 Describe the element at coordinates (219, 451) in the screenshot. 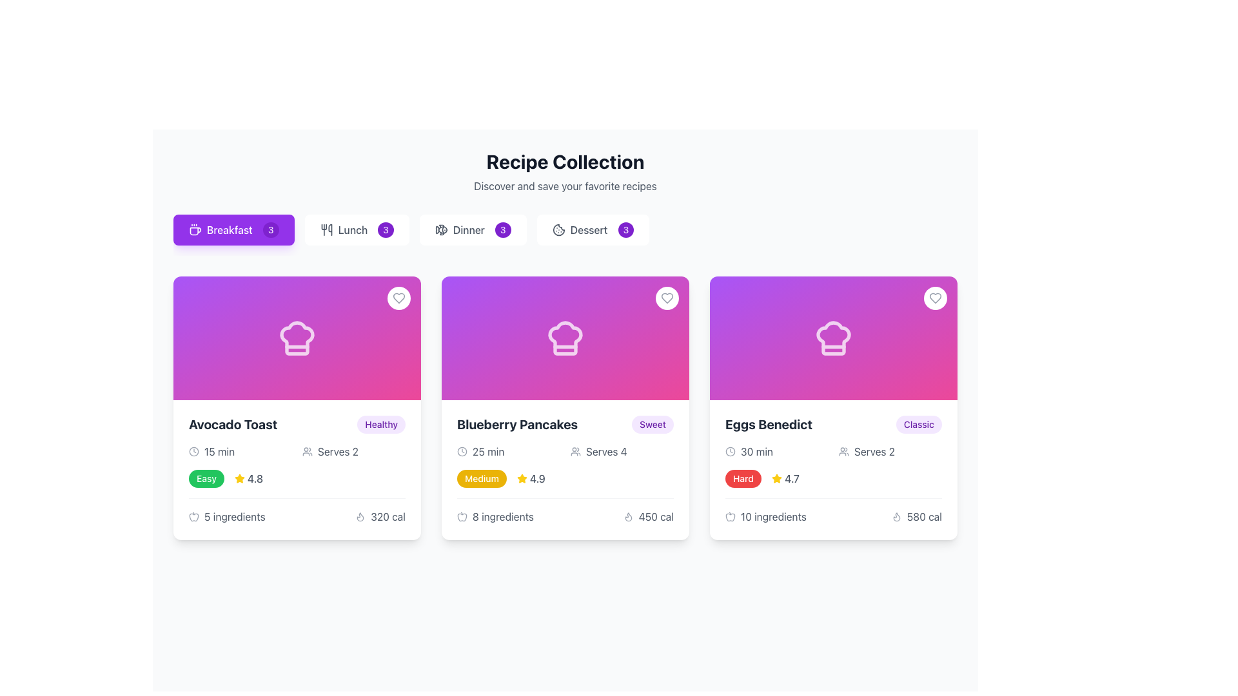

I see `the text label displaying '15 min' in gray font, indicating a time duration for the recipe 'Avocado Toast'` at that location.